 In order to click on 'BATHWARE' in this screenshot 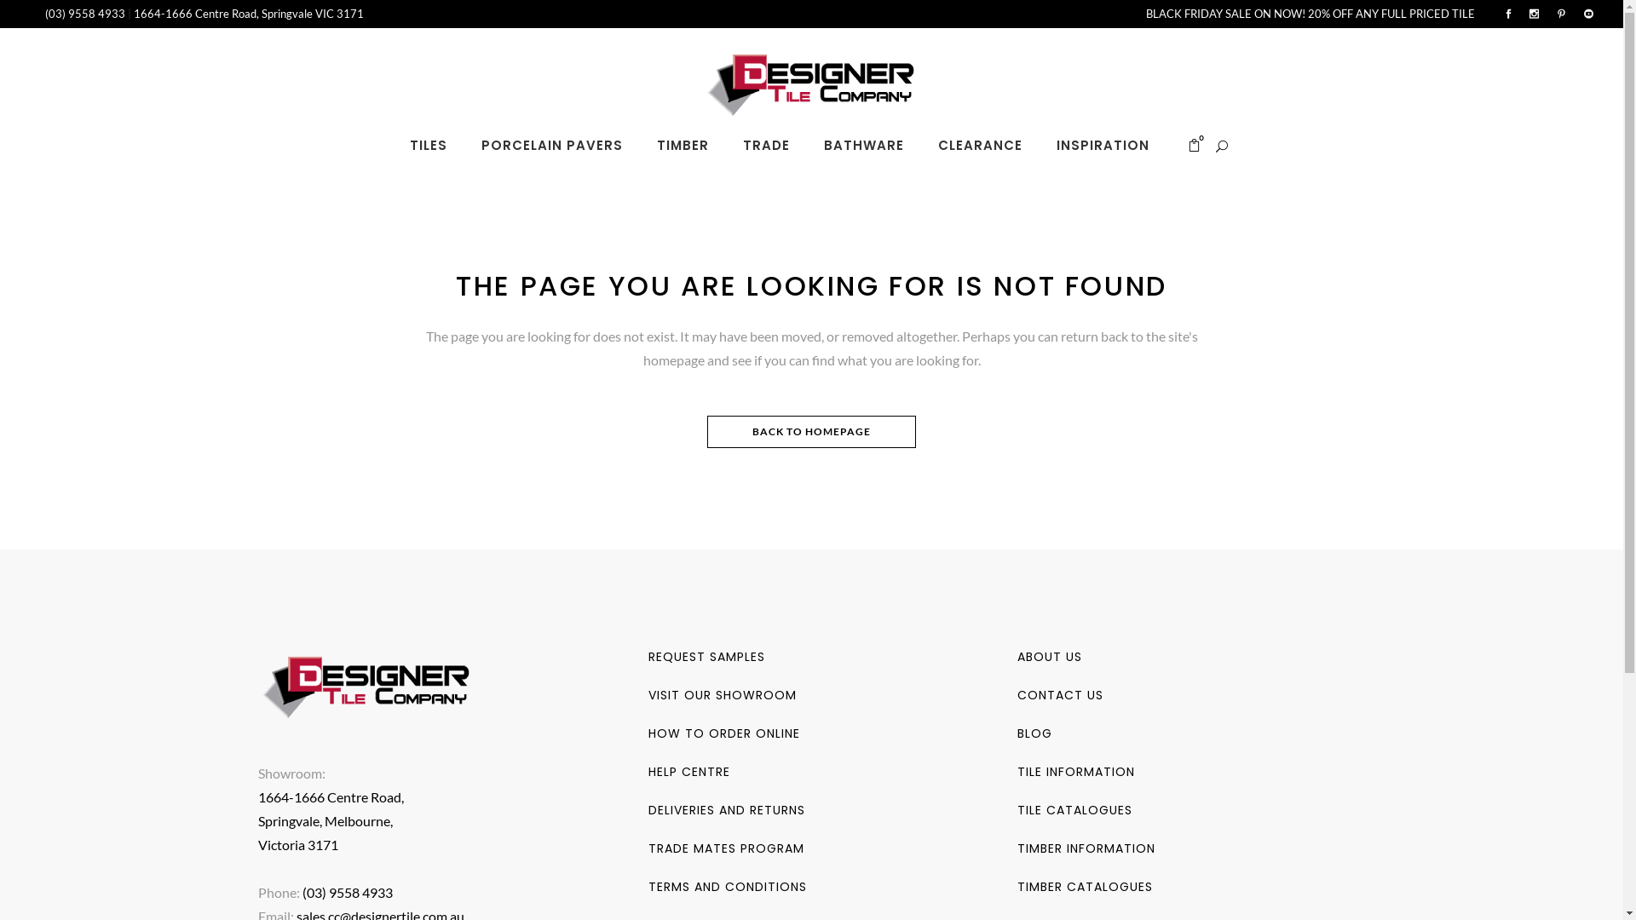, I will do `click(805, 144)`.